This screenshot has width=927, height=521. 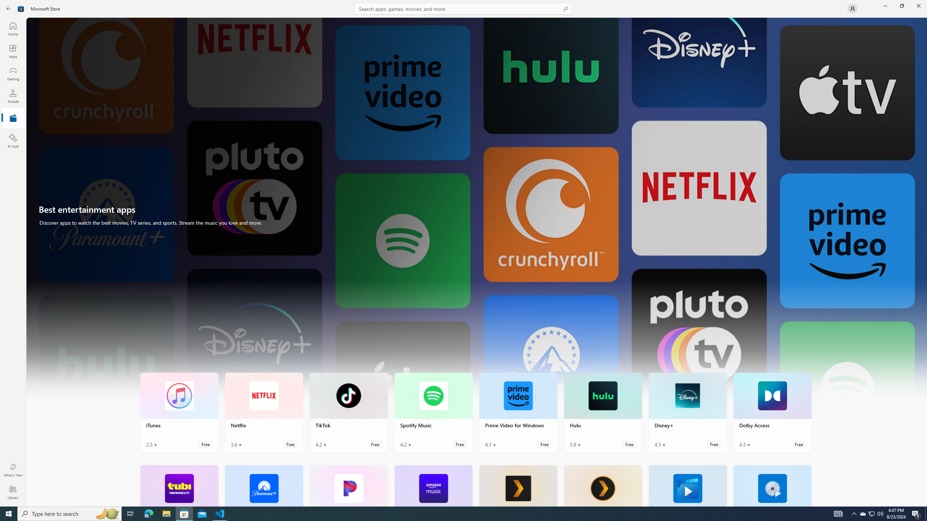 What do you see at coordinates (348, 413) in the screenshot?
I see `'TikTok. Average rating of 4.2 out of five stars. Free  '` at bounding box center [348, 413].